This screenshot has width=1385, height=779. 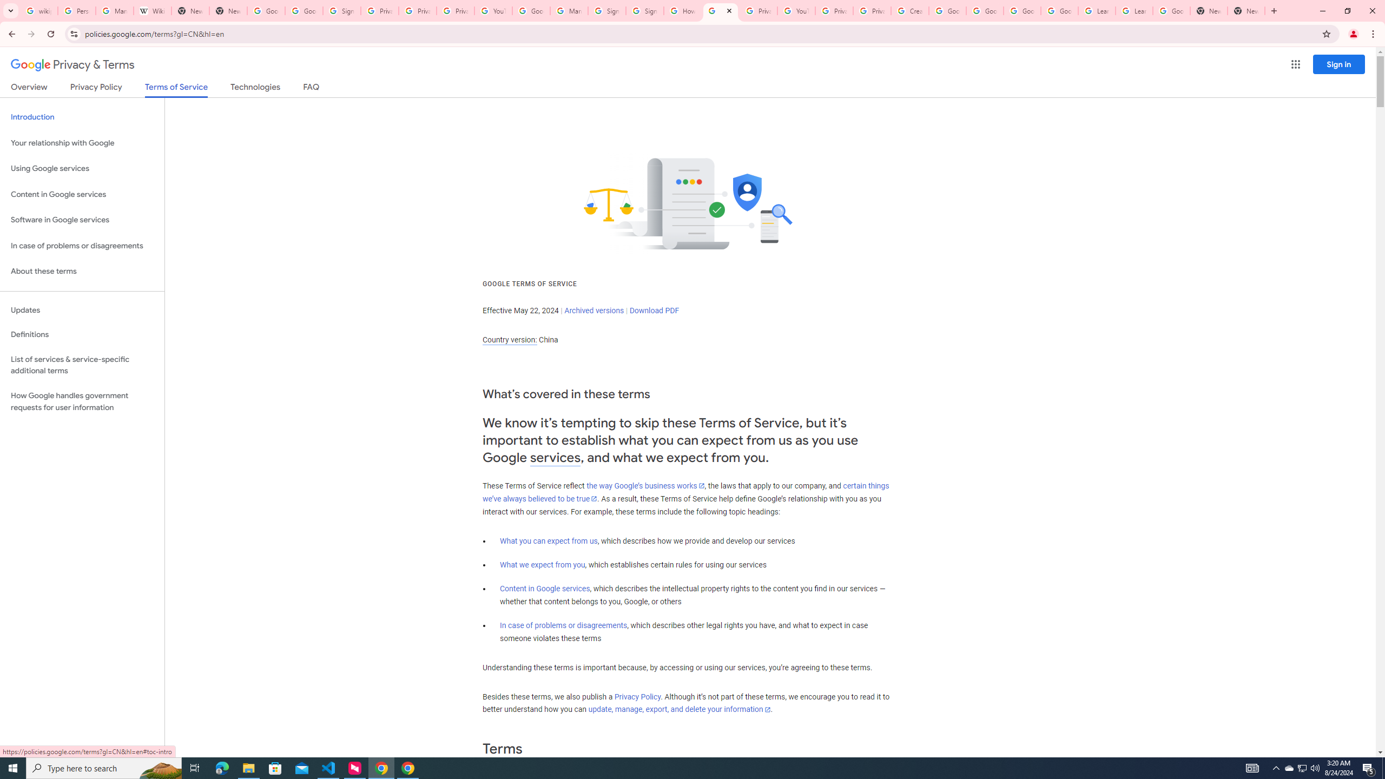 What do you see at coordinates (509, 340) in the screenshot?
I see `'Country version:'` at bounding box center [509, 340].